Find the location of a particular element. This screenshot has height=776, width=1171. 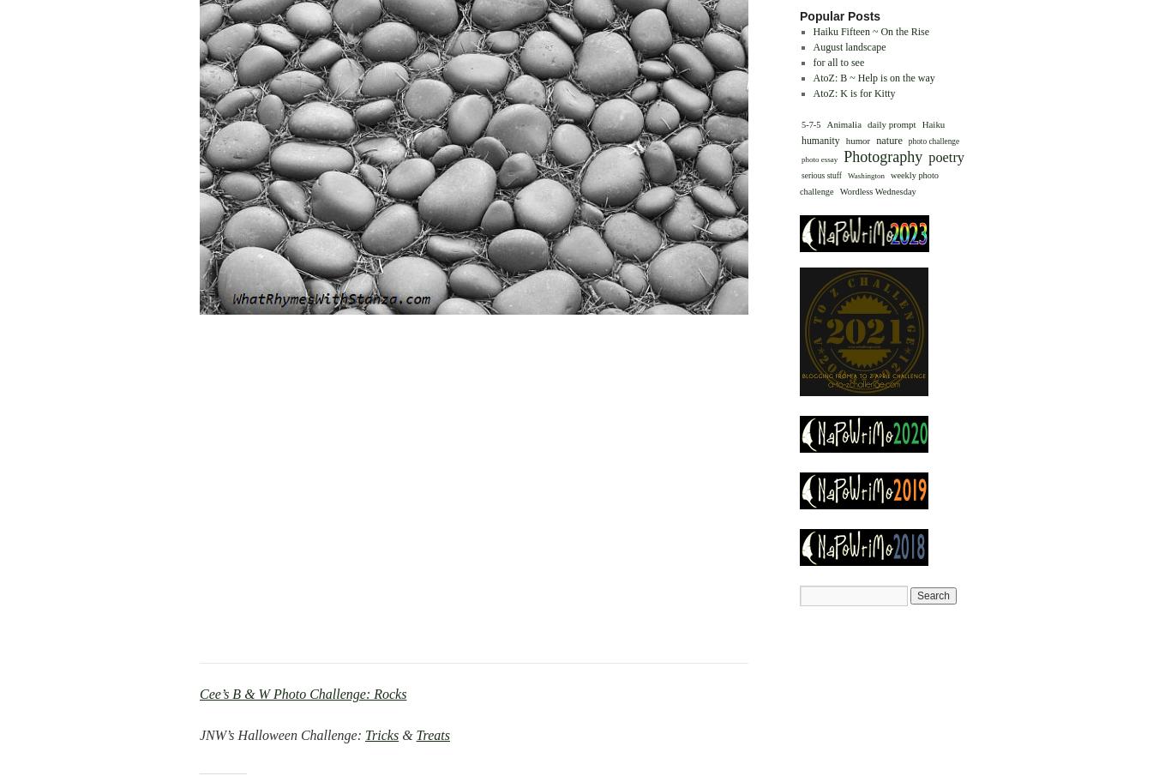

'daily prompt' is located at coordinates (866, 122).